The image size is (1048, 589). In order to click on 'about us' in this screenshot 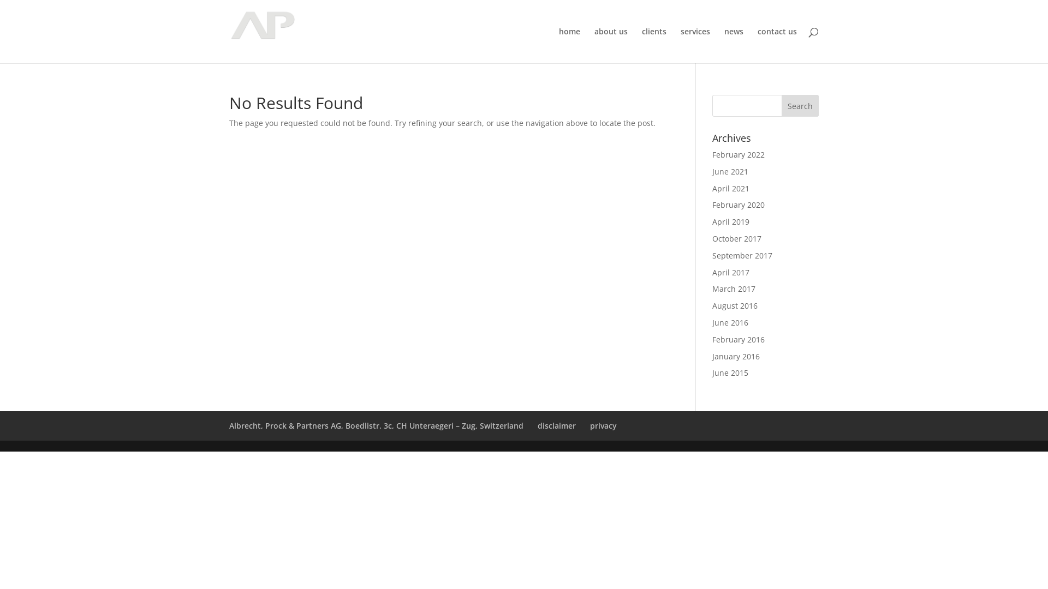, I will do `click(610, 45)`.